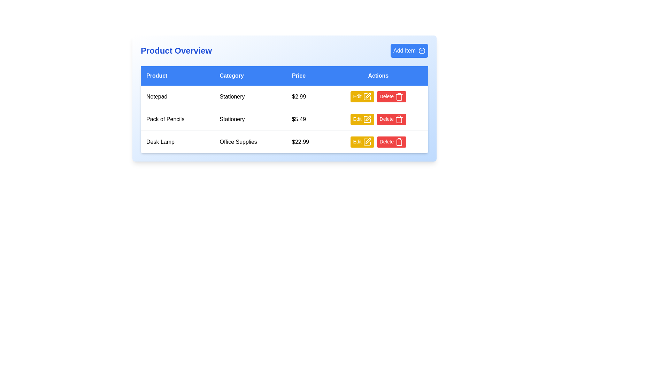 The image size is (669, 376). I want to click on the text label displaying the product category 'Office Supplies' for the 'Desk Lamp' product, located in the third row, second column of the product table, so click(250, 141).